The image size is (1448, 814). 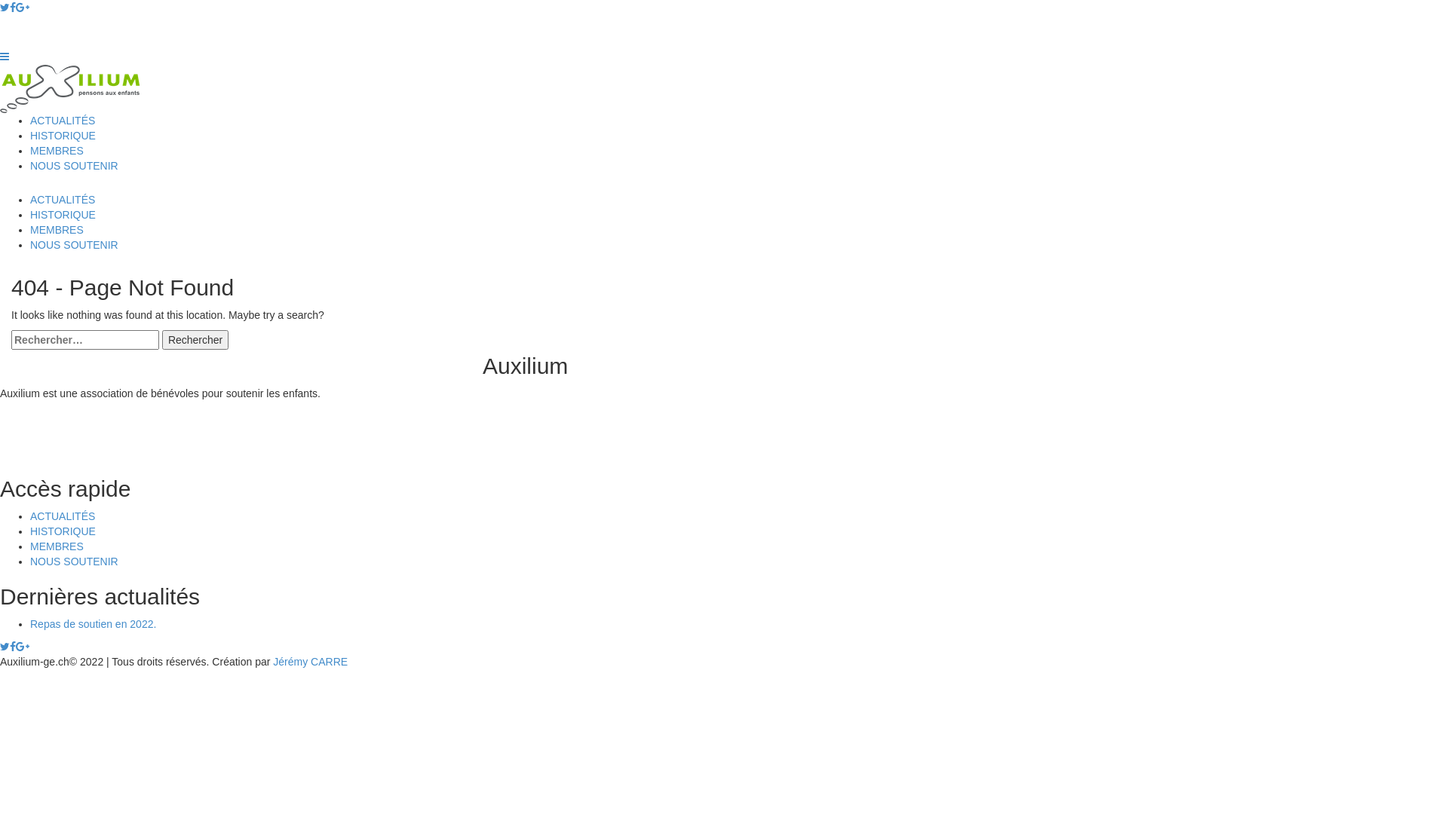 I want to click on 'HISTORIQUE', so click(x=62, y=531).